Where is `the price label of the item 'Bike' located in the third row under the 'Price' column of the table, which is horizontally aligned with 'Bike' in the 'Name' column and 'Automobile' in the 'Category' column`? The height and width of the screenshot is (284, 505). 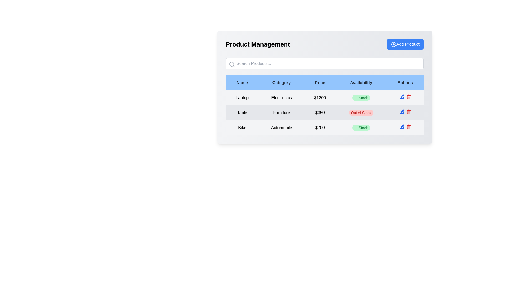
the price label of the item 'Bike' located in the third row under the 'Price' column of the table, which is horizontally aligned with 'Bike' in the 'Name' column and 'Automobile' in the 'Category' column is located at coordinates (320, 128).